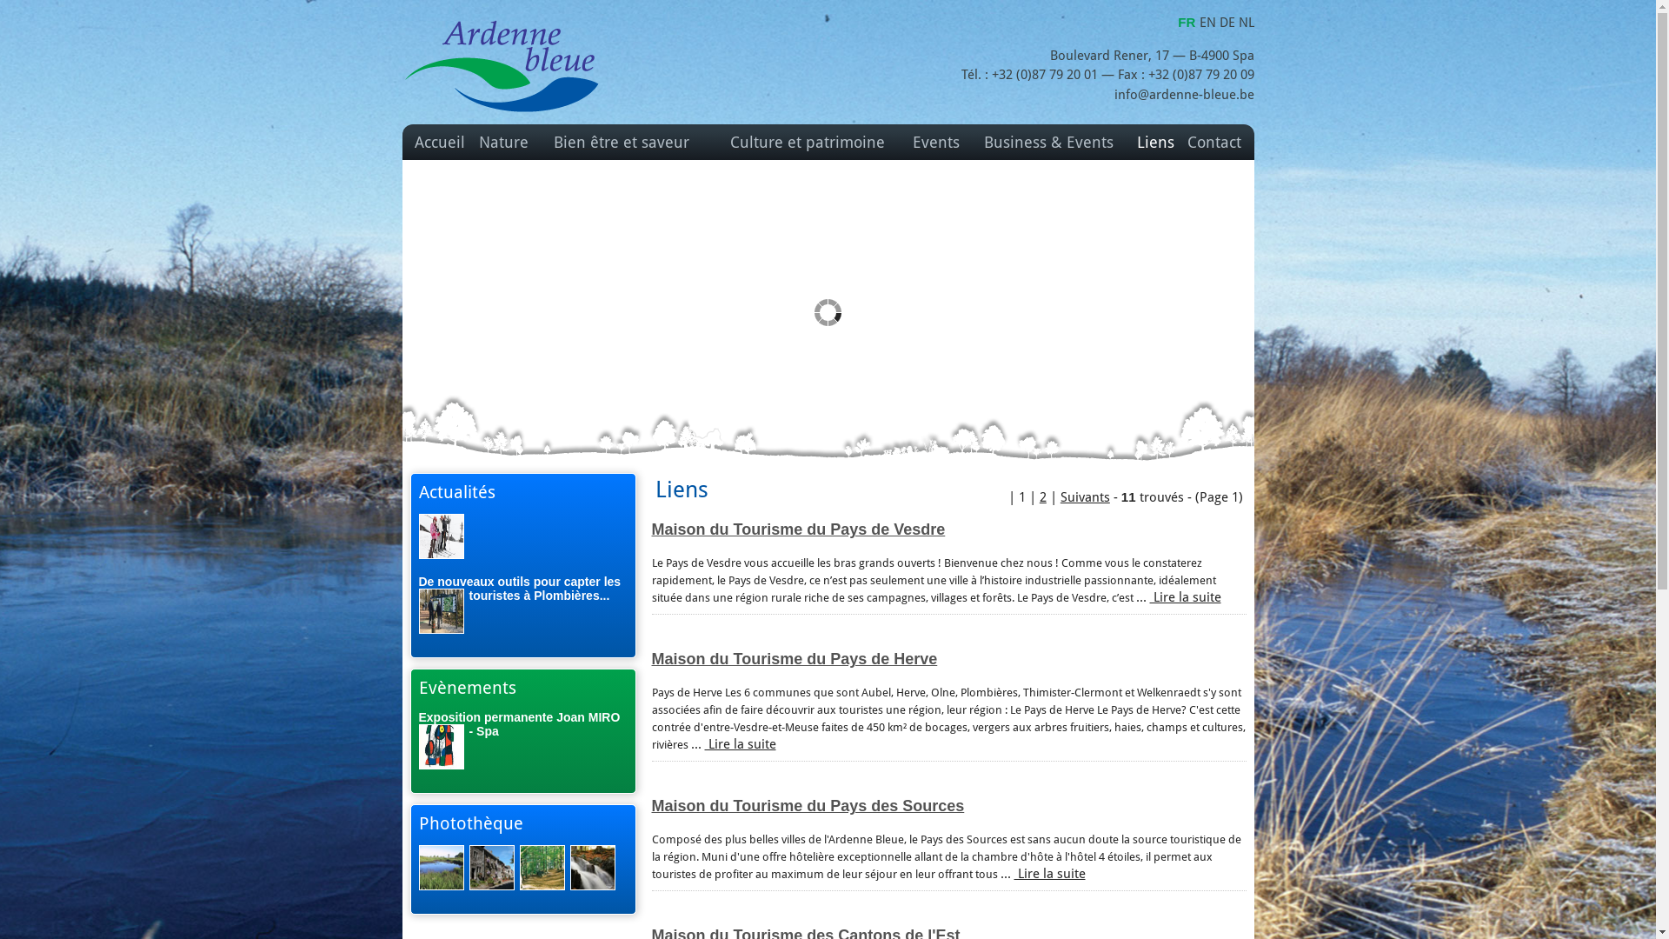 The width and height of the screenshot is (1669, 939). I want to click on 'Liens', so click(1155, 143).